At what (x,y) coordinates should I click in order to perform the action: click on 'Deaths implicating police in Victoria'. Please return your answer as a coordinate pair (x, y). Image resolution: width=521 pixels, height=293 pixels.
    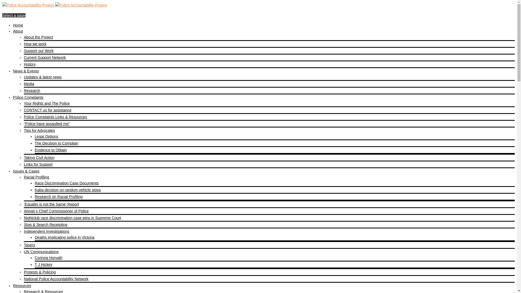
    Looking at the image, I should click on (65, 237).